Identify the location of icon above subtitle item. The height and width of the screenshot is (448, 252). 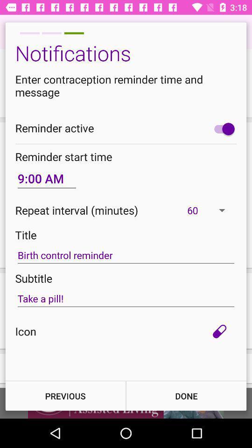
(126, 255).